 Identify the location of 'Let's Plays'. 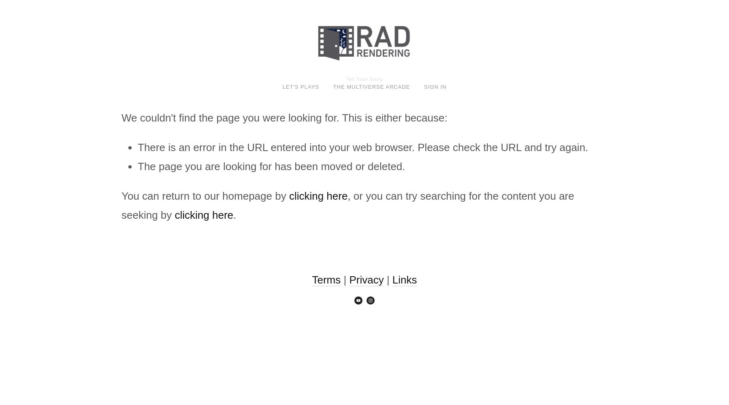
(281, 86).